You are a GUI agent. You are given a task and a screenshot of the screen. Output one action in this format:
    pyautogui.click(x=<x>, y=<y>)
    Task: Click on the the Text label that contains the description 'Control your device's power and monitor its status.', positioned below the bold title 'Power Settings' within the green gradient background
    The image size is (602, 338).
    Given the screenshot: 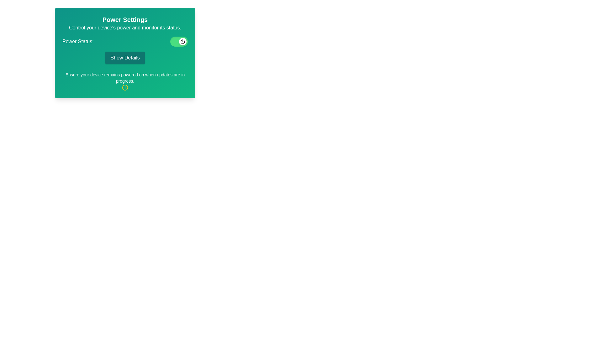 What is the action you would take?
    pyautogui.click(x=125, y=27)
    